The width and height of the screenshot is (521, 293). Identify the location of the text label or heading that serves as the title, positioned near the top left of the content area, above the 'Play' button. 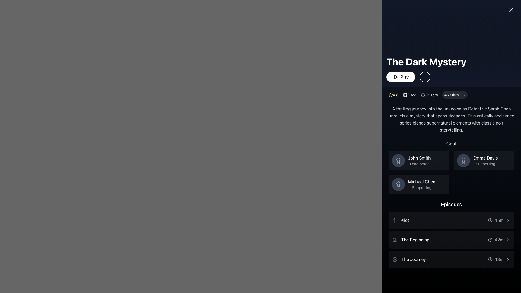
(426, 61).